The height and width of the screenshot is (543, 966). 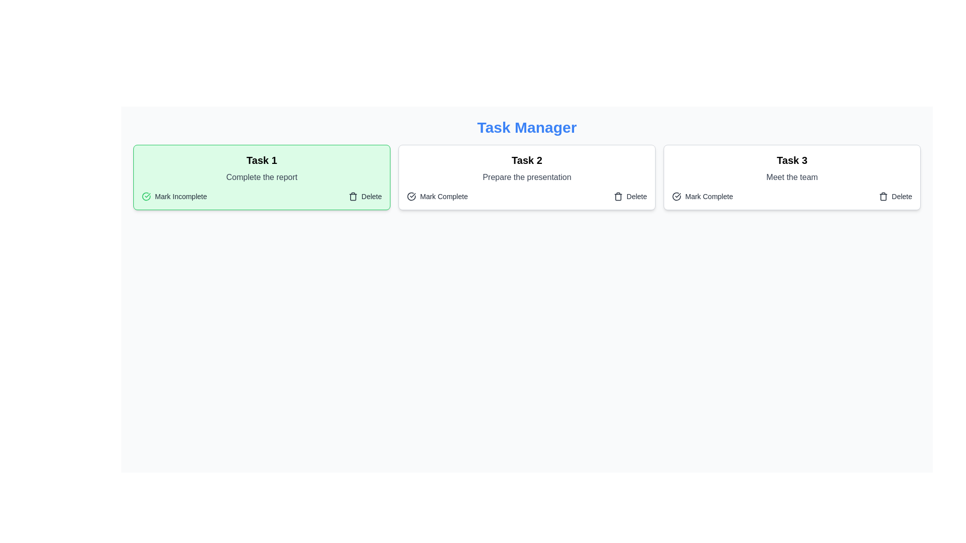 I want to click on the 'Delete' label located at the bottom-right corner of the 'Task 3' card, which has a hover effect changing its color to red, so click(x=902, y=196).